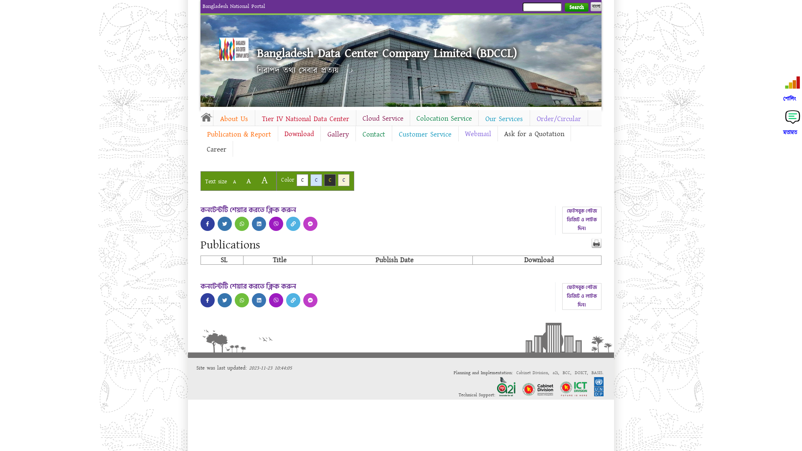  Describe the element at coordinates (330, 180) in the screenshot. I see `'C'` at that location.